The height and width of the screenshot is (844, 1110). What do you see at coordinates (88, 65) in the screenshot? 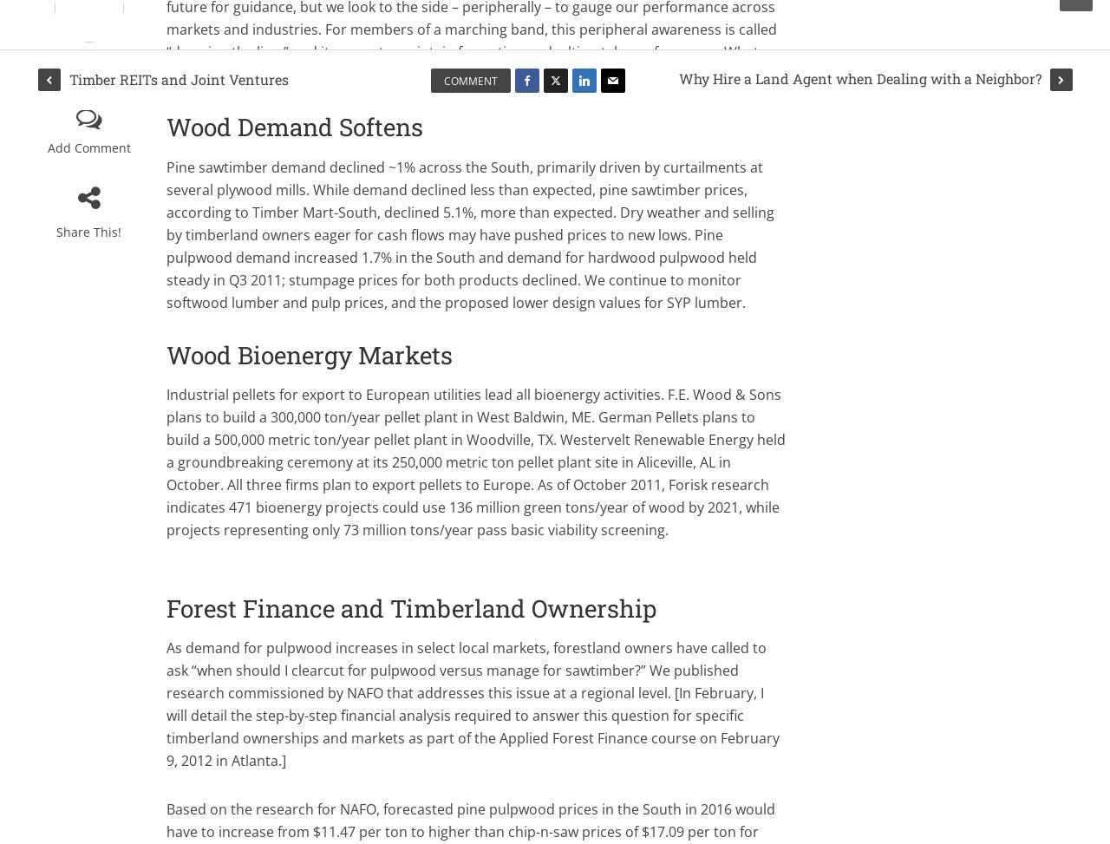
I see `'Brooks Mendell, Ph.D.'` at bounding box center [88, 65].